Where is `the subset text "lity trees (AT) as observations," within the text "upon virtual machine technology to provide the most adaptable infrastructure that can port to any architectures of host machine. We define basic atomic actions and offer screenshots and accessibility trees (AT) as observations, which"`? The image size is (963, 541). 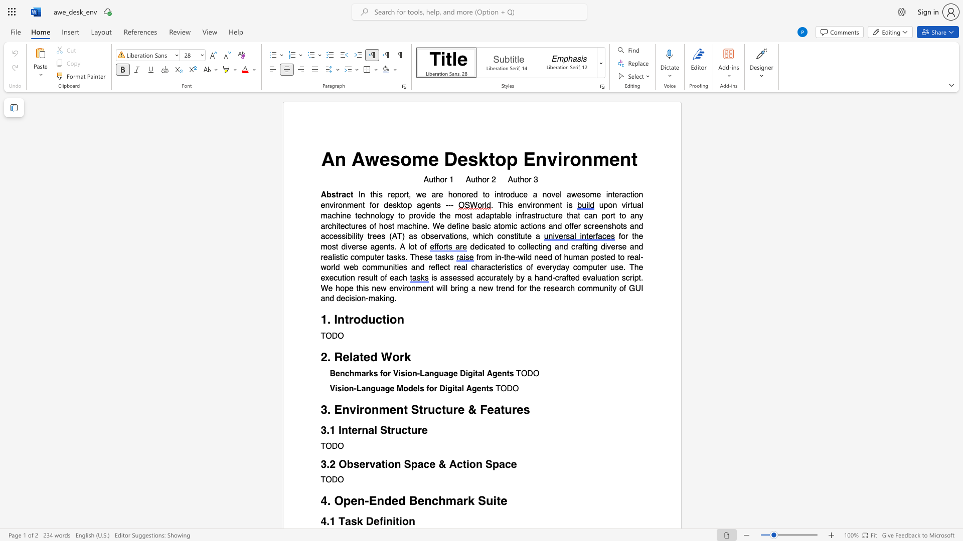 the subset text "lity trees (AT) as observations," within the text "upon virtual machine technology to provide the most adaptable infrastructure that can port to any architectures of host machine. We define basic atomic actions and offer screenshots and accessibility trees (AT) as observations, which" is located at coordinates (354, 236).